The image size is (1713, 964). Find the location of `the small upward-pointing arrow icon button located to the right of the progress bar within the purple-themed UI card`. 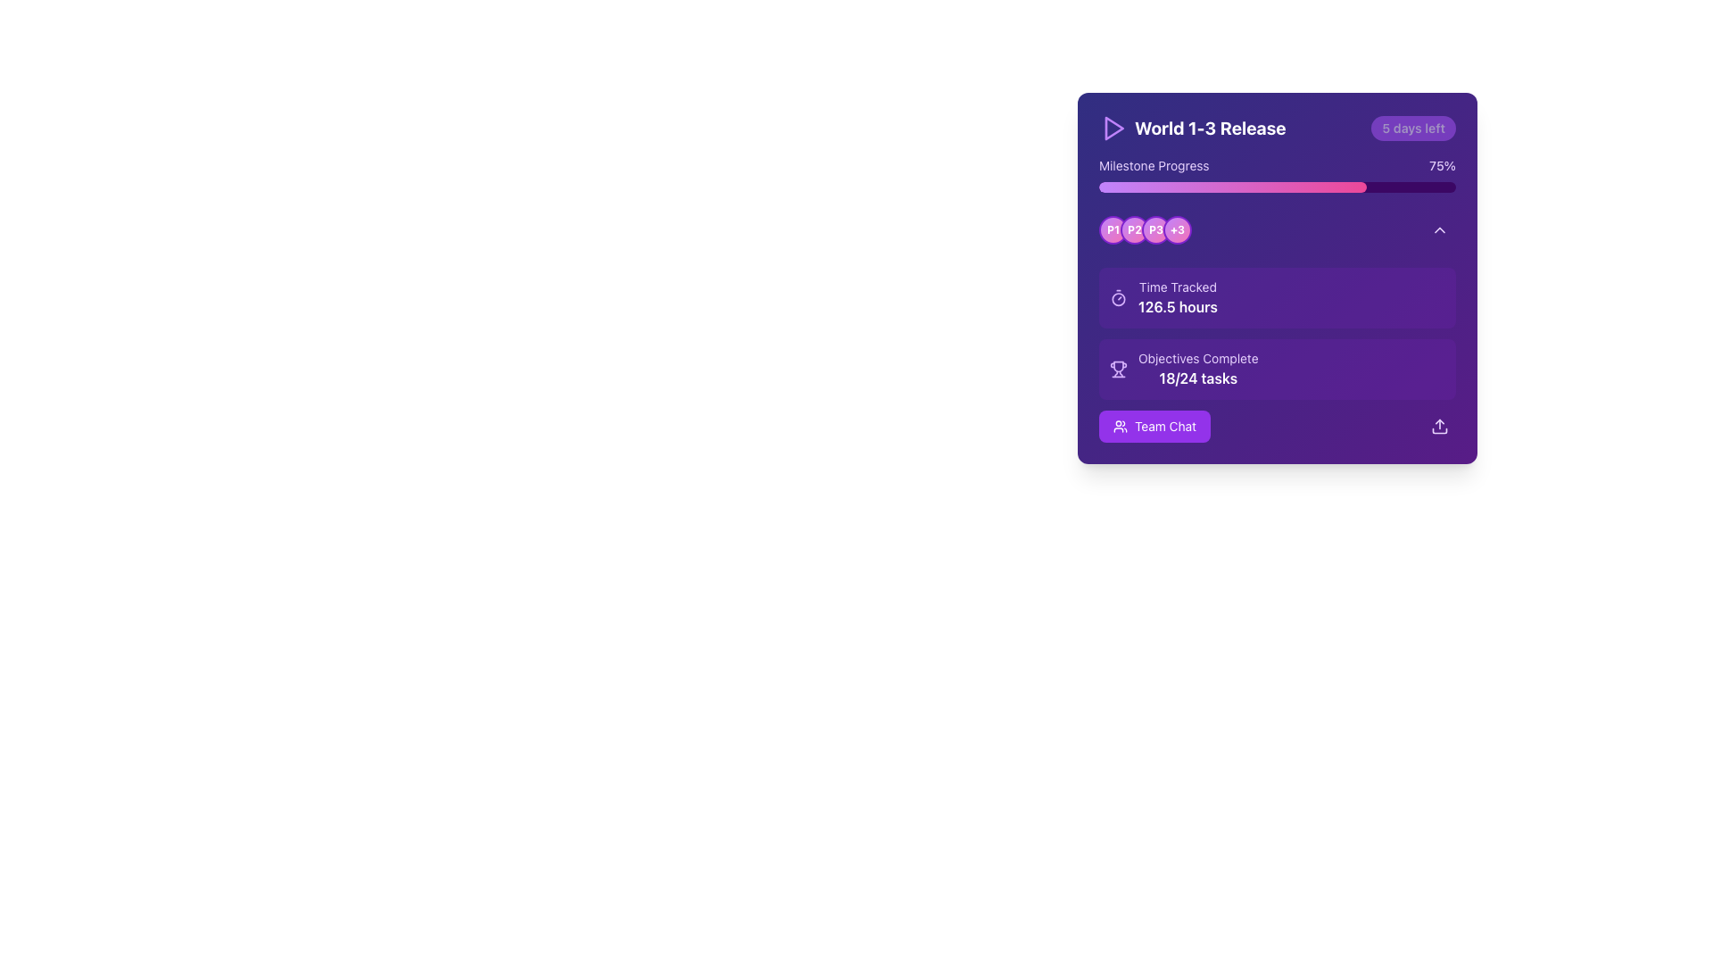

the small upward-pointing arrow icon button located to the right of the progress bar within the purple-themed UI card is located at coordinates (1439, 229).